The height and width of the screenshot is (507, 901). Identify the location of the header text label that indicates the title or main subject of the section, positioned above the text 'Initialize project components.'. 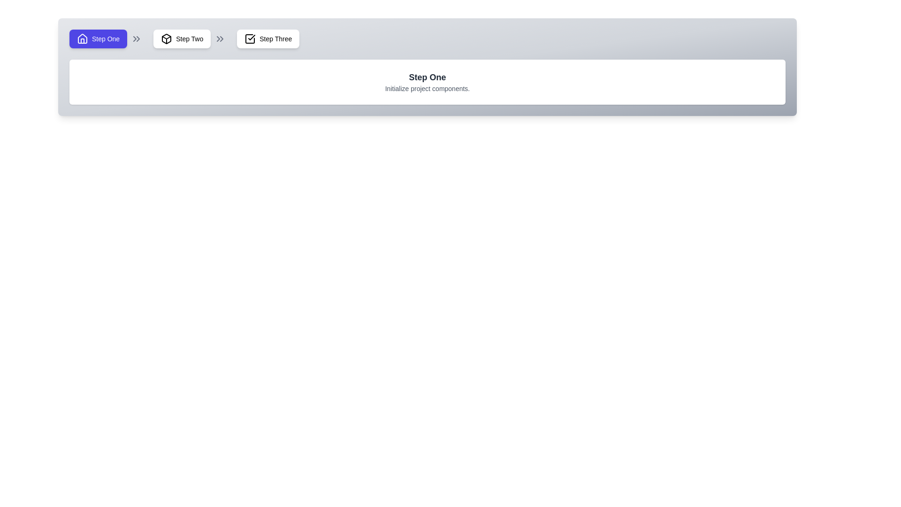
(427, 77).